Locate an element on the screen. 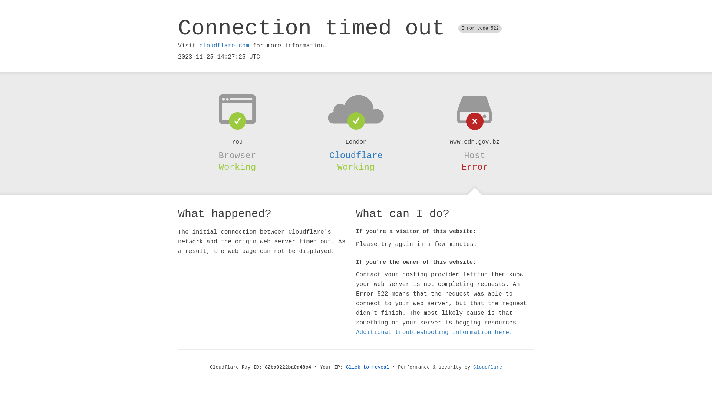 This screenshot has height=400, width=712. 'Additional troubleshooting information here.' is located at coordinates (434, 332).